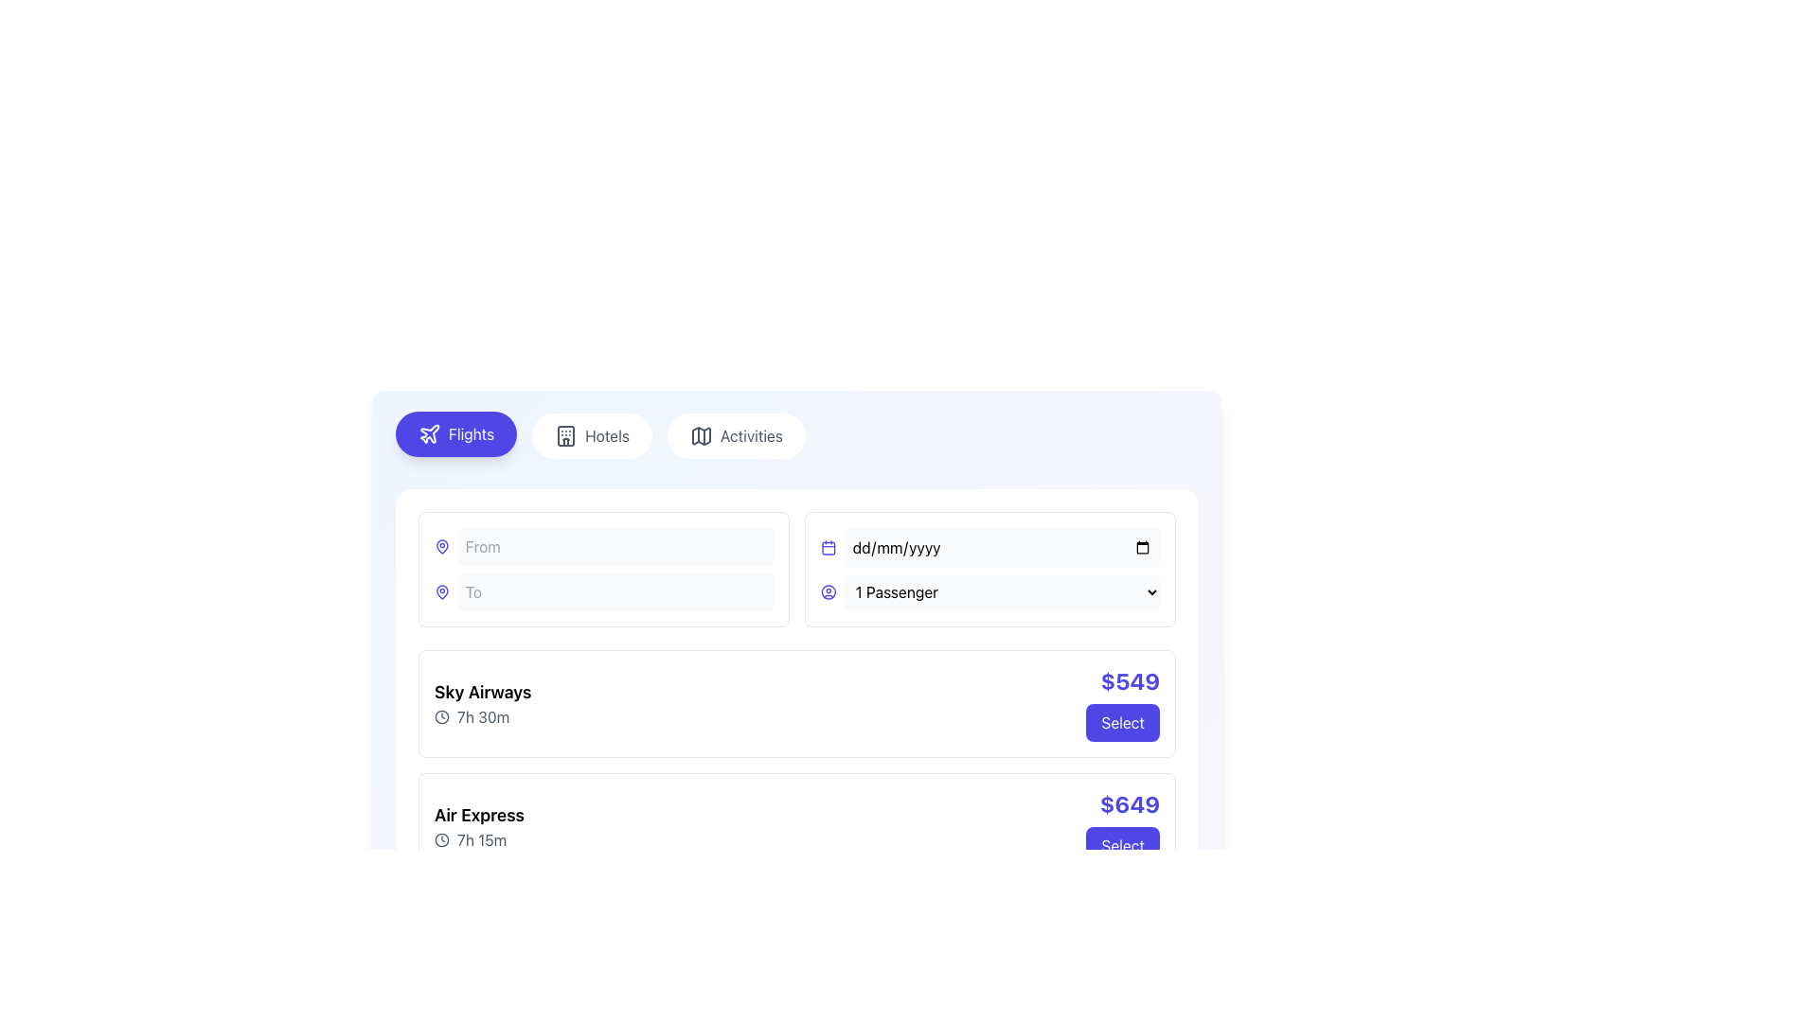 This screenshot has height=1022, width=1818. Describe the element at coordinates (483, 717) in the screenshot. I see `the text label that displays the duration of the flight in hours and minutes, located below the 'Sky Airways' label in the flight listing interface` at that location.